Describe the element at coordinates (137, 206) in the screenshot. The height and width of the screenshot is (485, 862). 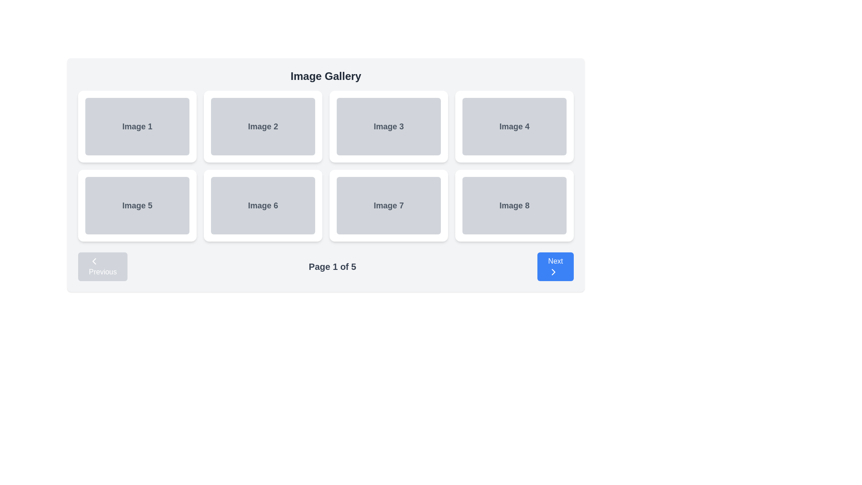
I see `the rectangular placeholder or image thumbnail labeled 'Image 5' with a light gray background located in the second row and first column of the grid layout` at that location.